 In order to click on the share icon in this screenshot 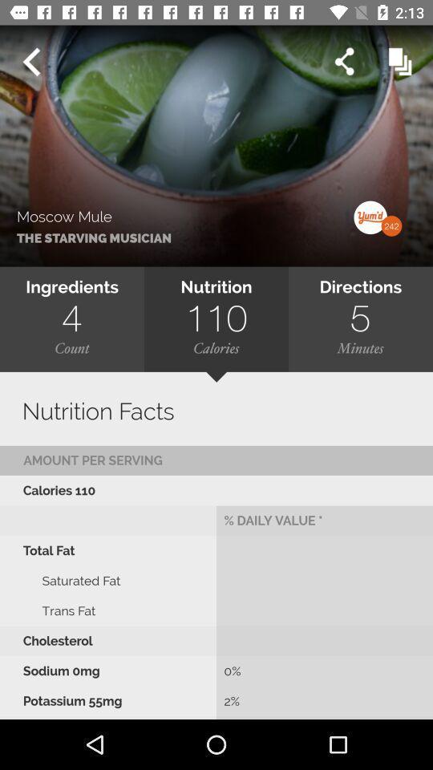, I will do `click(343, 62)`.